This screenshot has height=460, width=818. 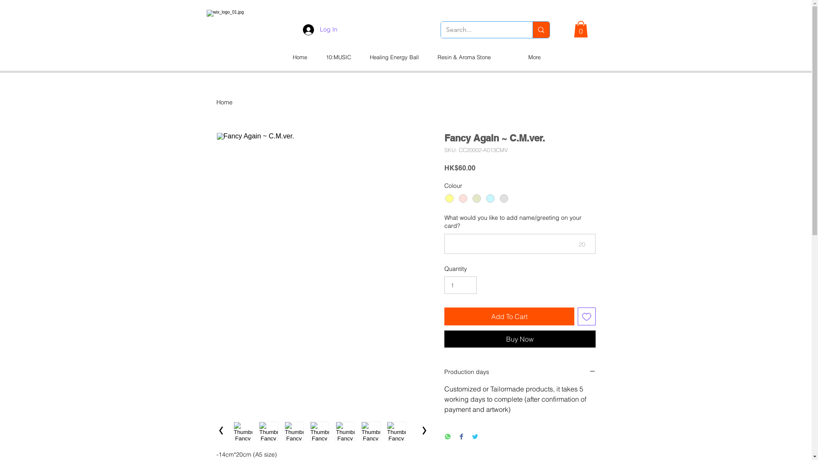 I want to click on 'Add To Cart', so click(x=509, y=316).